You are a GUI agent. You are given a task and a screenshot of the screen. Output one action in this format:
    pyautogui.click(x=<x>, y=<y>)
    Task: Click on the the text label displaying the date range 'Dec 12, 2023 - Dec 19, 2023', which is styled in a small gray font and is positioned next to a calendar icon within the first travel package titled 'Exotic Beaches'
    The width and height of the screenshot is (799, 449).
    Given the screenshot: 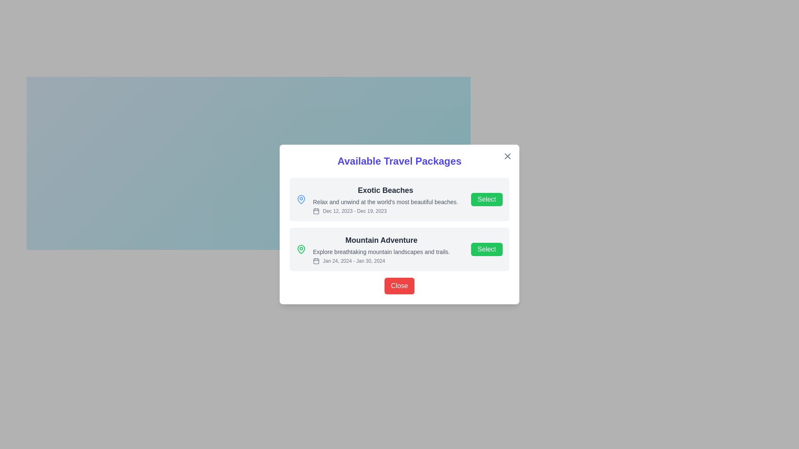 What is the action you would take?
    pyautogui.click(x=385, y=211)
    